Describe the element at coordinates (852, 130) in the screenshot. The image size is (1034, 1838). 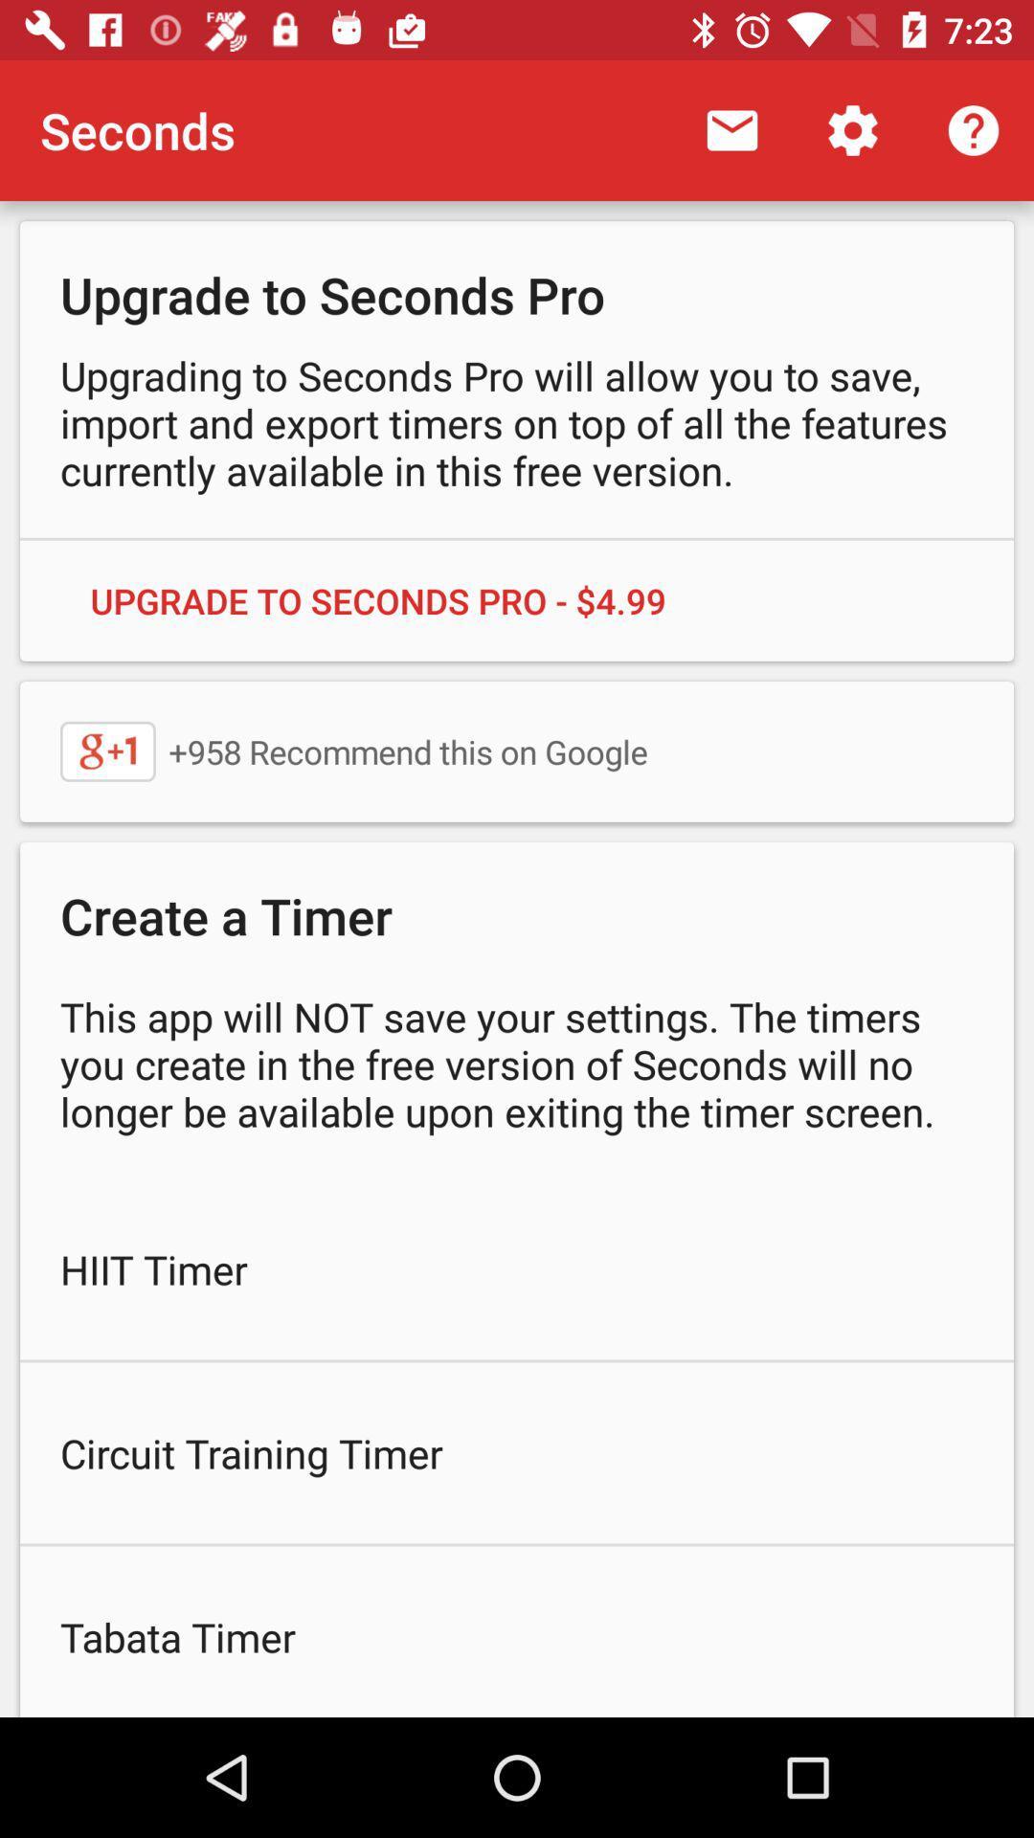
I see `settings` at that location.